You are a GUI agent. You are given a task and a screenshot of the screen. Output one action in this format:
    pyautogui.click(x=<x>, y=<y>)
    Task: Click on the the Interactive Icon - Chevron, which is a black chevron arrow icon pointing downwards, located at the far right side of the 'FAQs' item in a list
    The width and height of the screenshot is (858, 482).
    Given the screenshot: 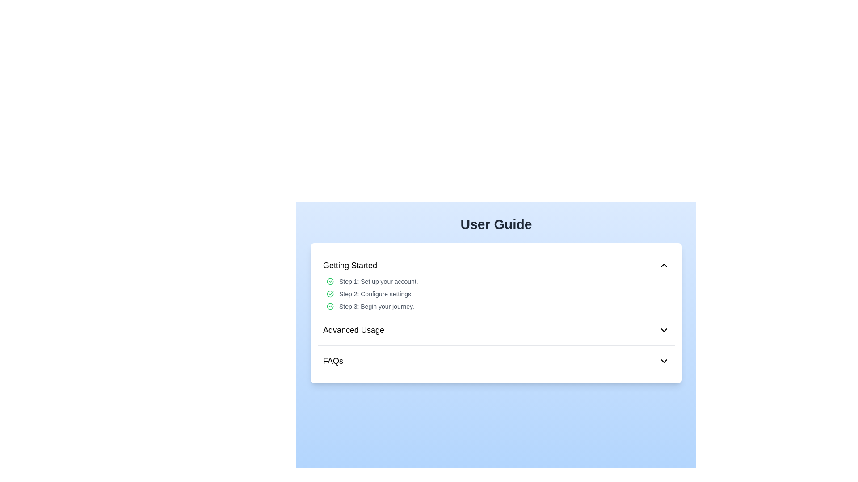 What is the action you would take?
    pyautogui.click(x=664, y=361)
    